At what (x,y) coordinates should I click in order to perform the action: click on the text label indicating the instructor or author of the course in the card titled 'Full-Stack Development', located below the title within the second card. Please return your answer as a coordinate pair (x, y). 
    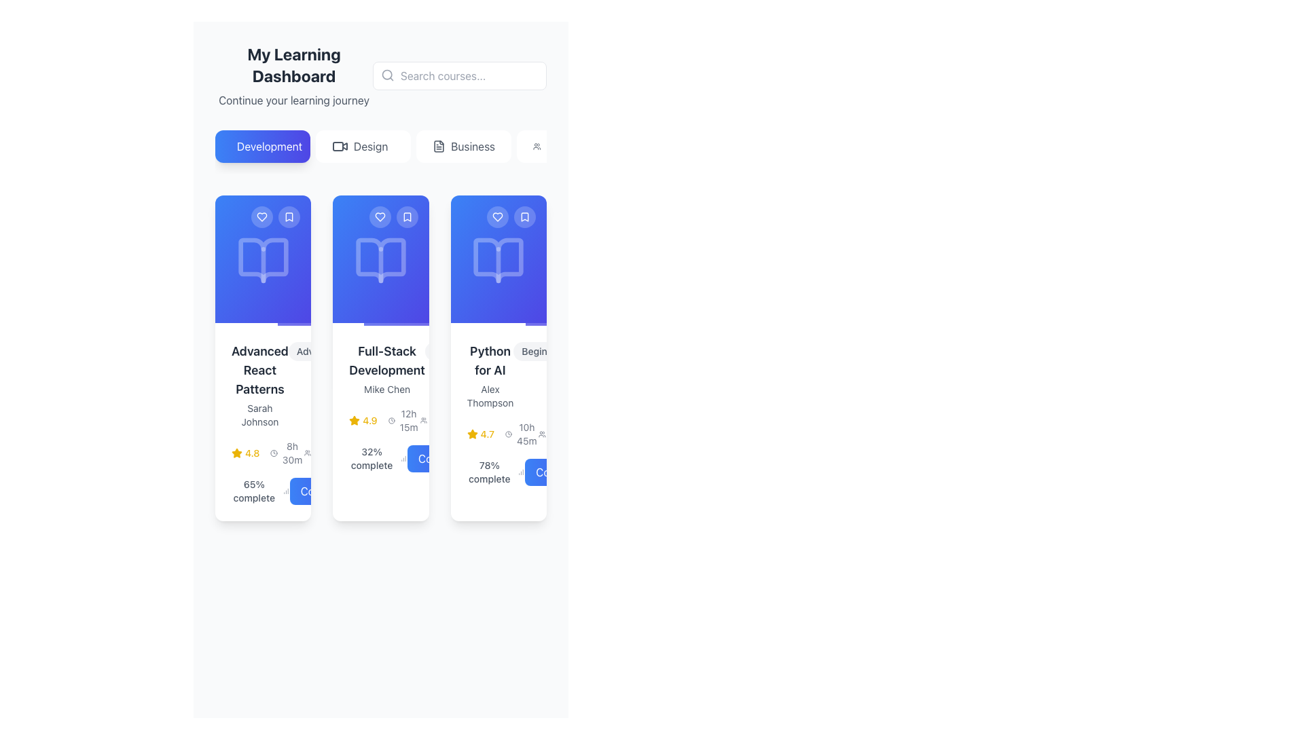
    Looking at the image, I should click on (386, 390).